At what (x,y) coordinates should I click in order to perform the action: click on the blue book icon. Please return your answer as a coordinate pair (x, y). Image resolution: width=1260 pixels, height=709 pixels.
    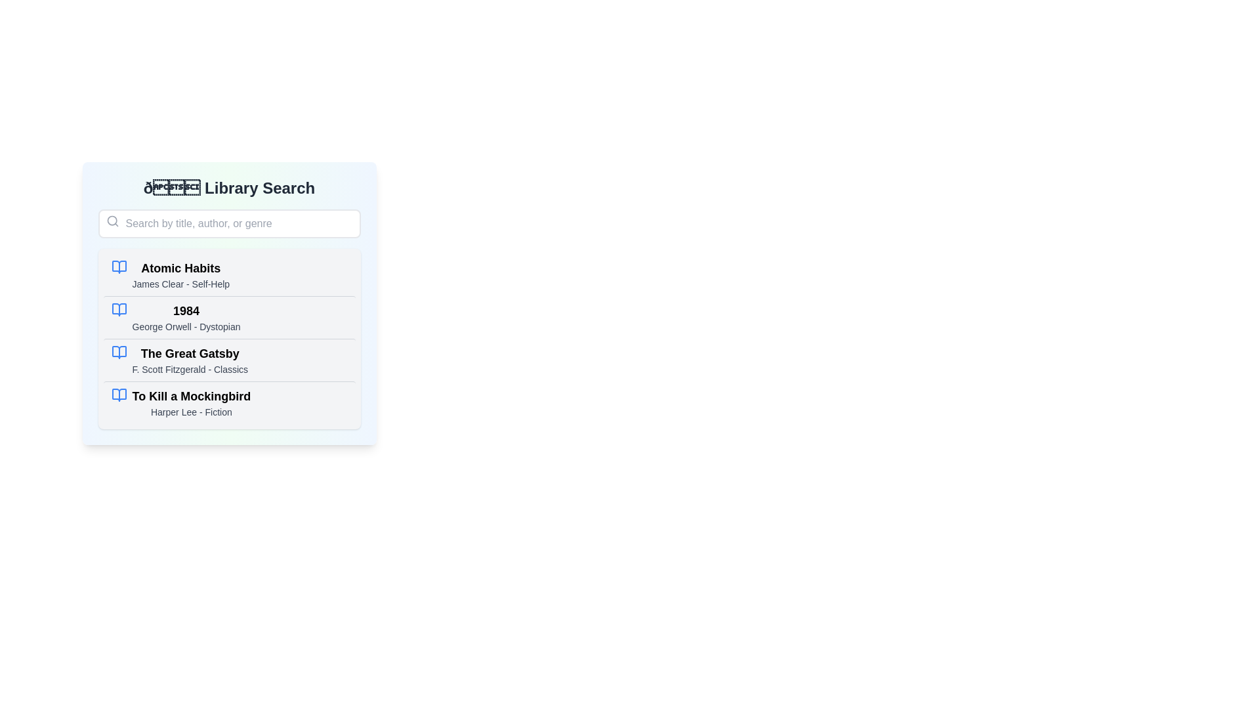
    Looking at the image, I should click on (119, 309).